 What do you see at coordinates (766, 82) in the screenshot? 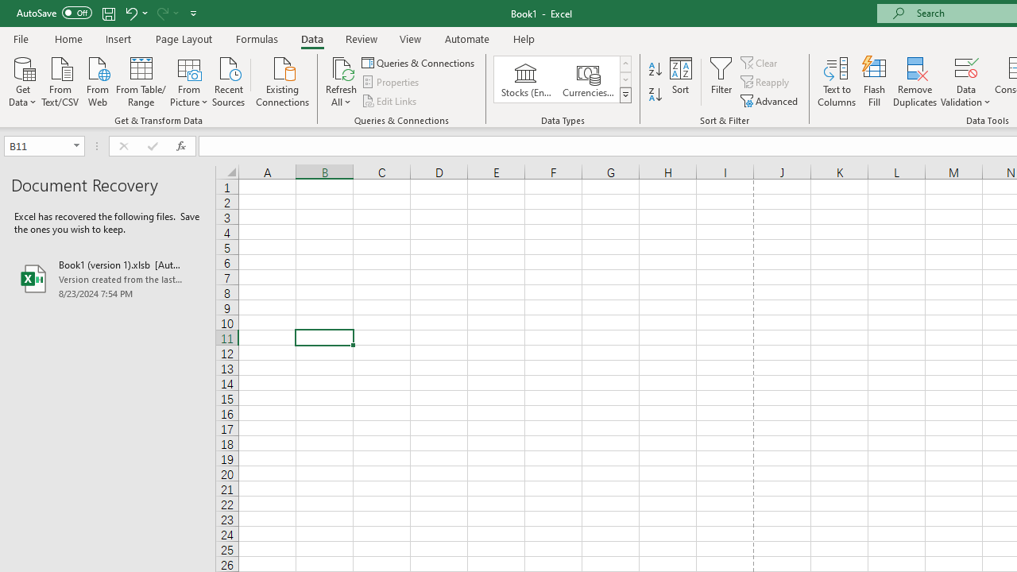
I see `'Reapply'` at bounding box center [766, 82].